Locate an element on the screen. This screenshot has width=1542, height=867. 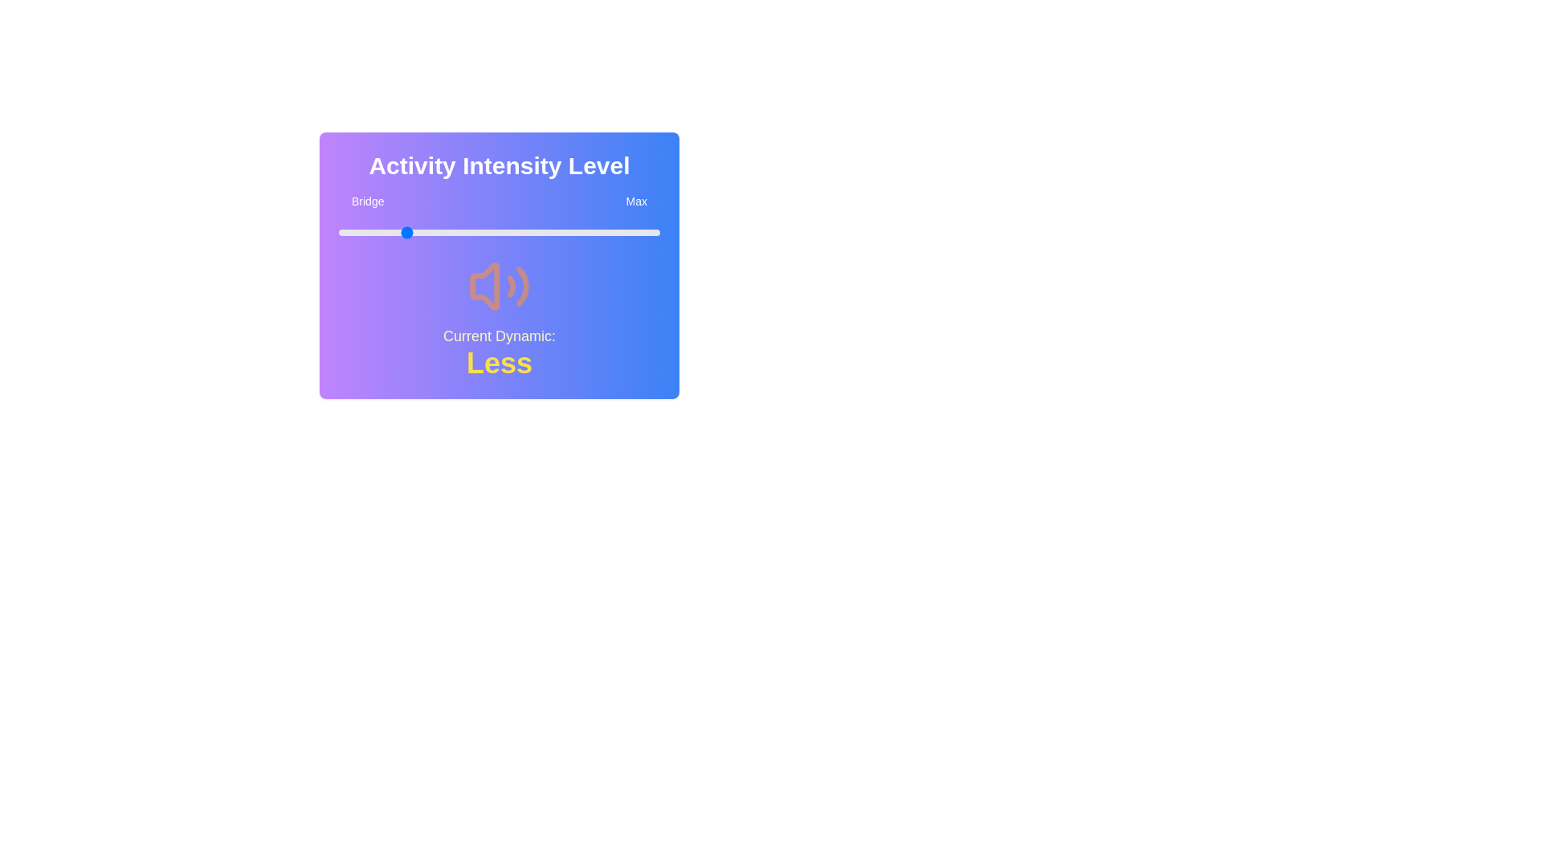
the slider to set the intensity level to 98% is located at coordinates (654, 232).